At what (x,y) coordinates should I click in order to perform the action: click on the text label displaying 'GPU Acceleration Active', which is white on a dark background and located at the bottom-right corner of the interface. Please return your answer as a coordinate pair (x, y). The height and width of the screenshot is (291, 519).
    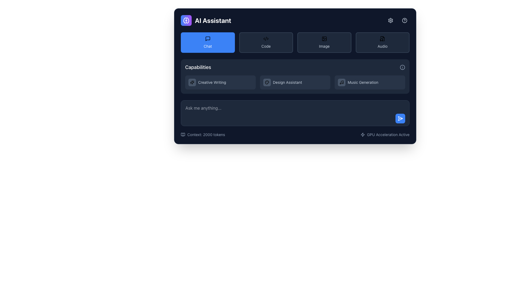
    Looking at the image, I should click on (388, 134).